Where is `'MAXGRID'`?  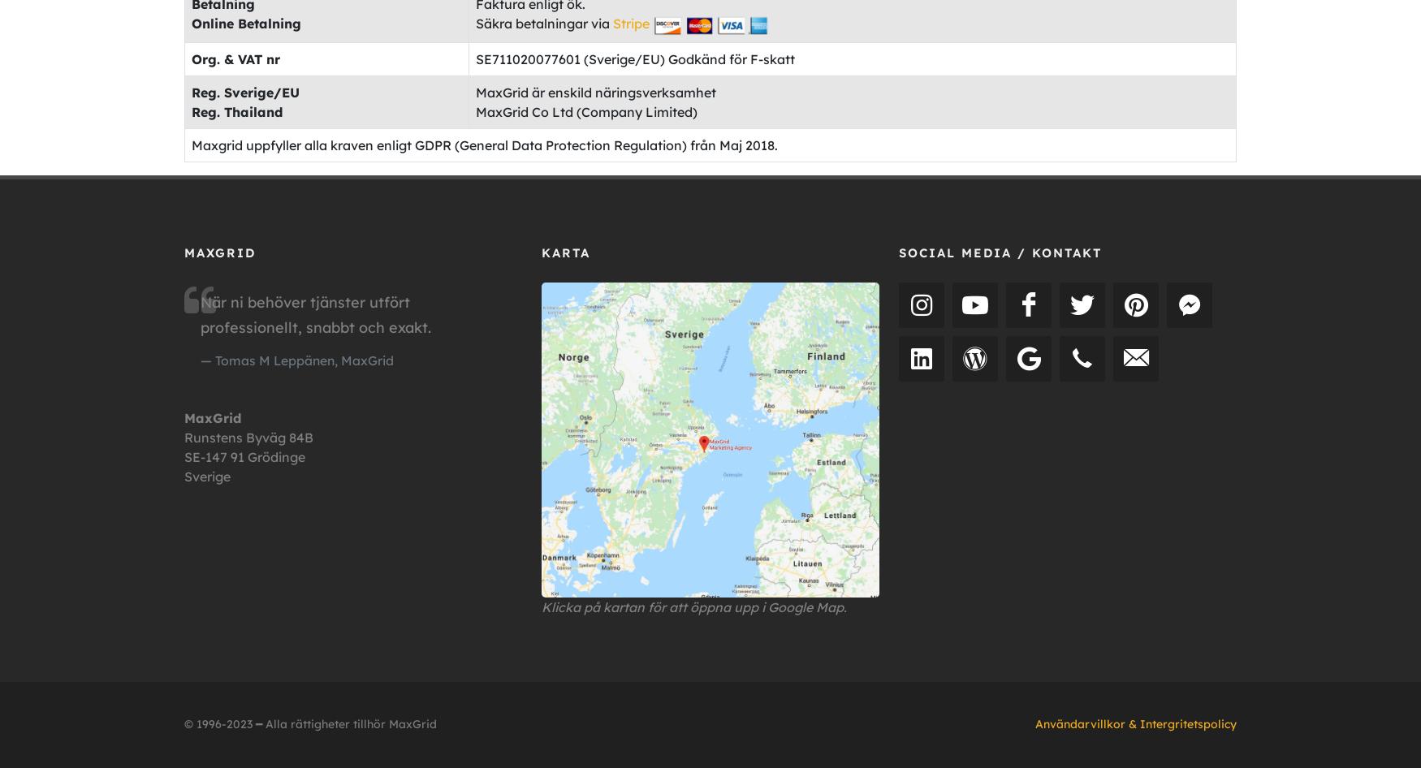
'MAXGRID' is located at coordinates (219, 251).